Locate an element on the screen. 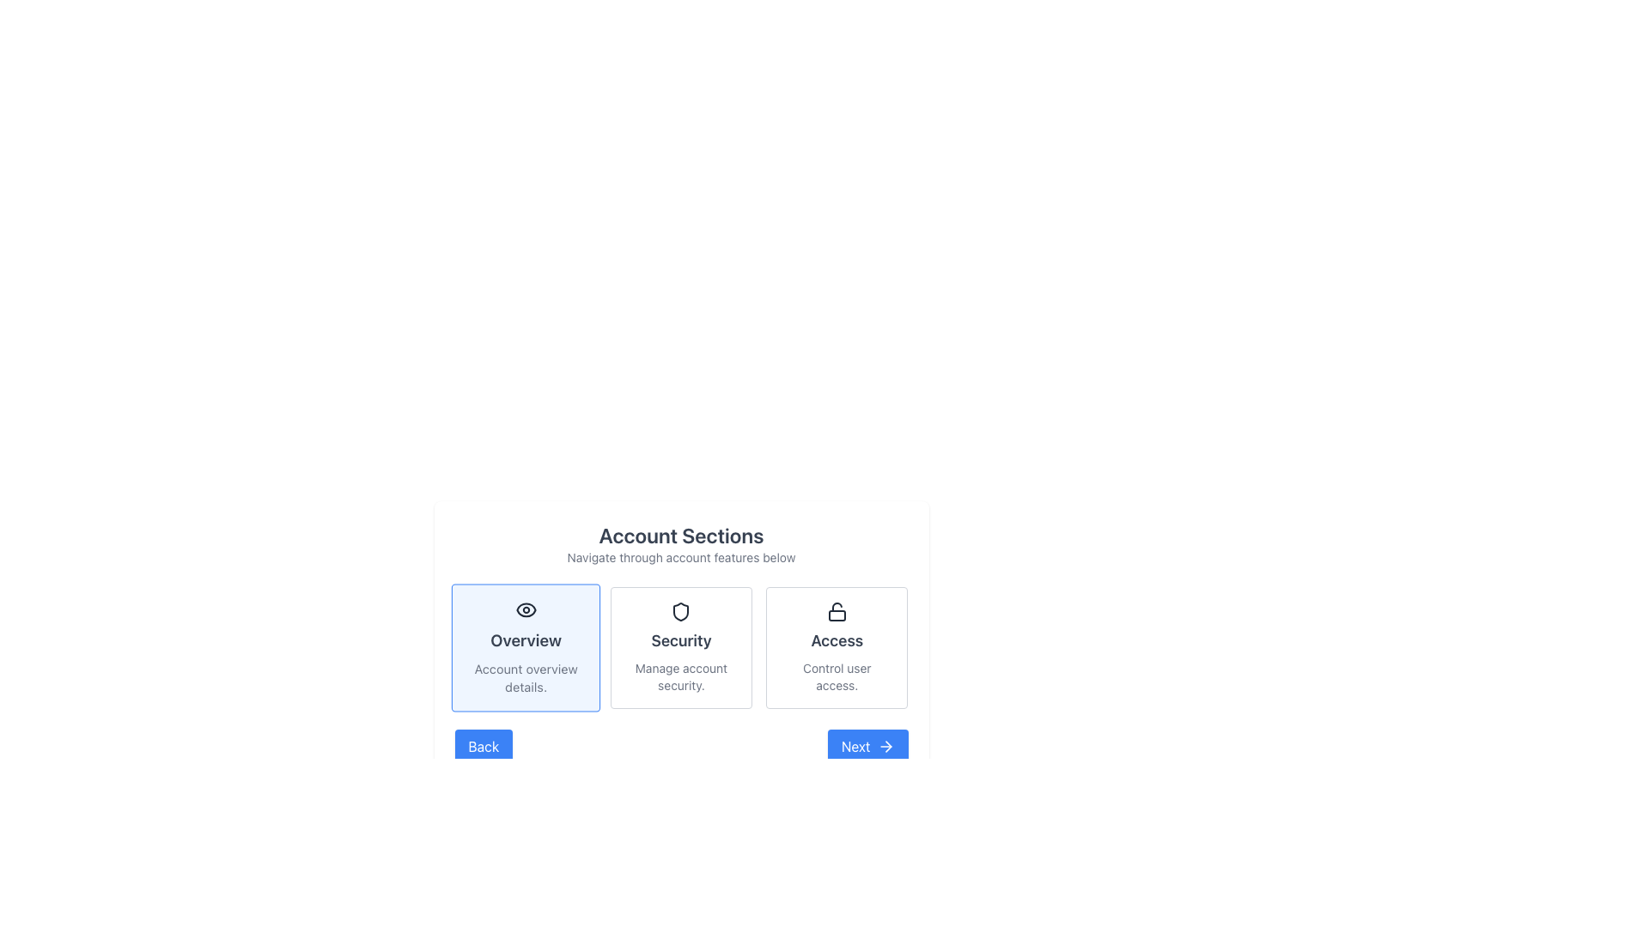  the eye-shaped icon in dark gray color located at the top center of the Overview section, which signifies visibility or viewing functionality is located at coordinates (525, 609).